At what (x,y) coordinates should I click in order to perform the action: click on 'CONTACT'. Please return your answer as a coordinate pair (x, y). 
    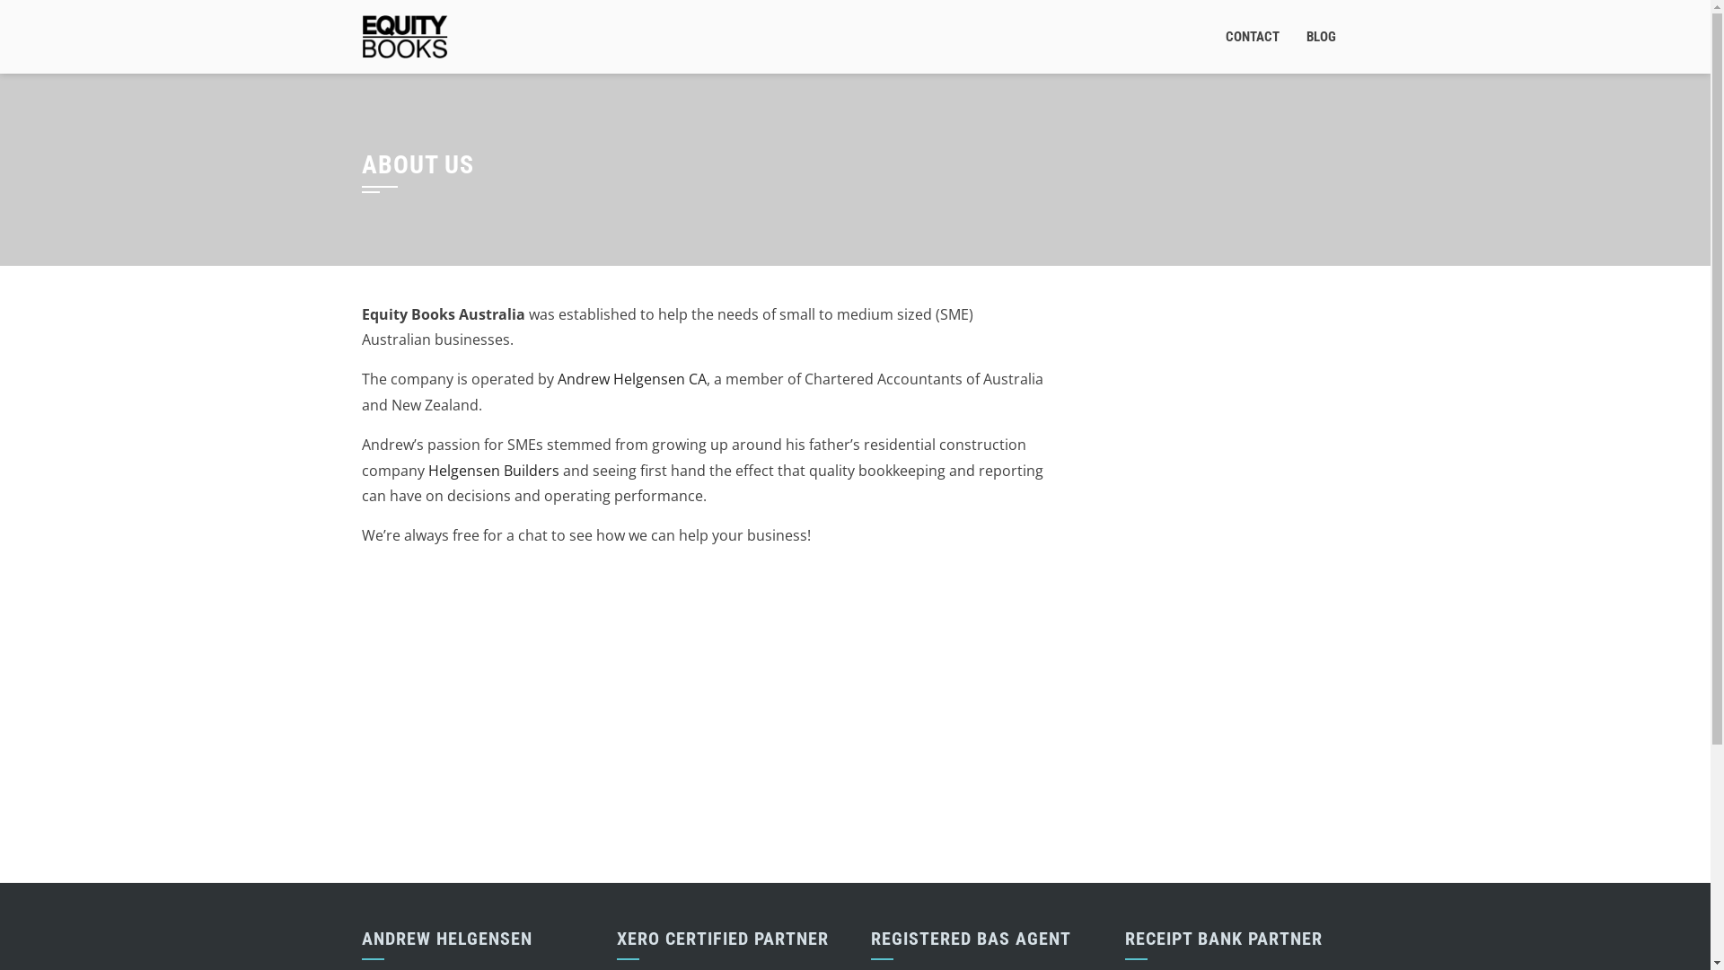
    Looking at the image, I should click on (1252, 37).